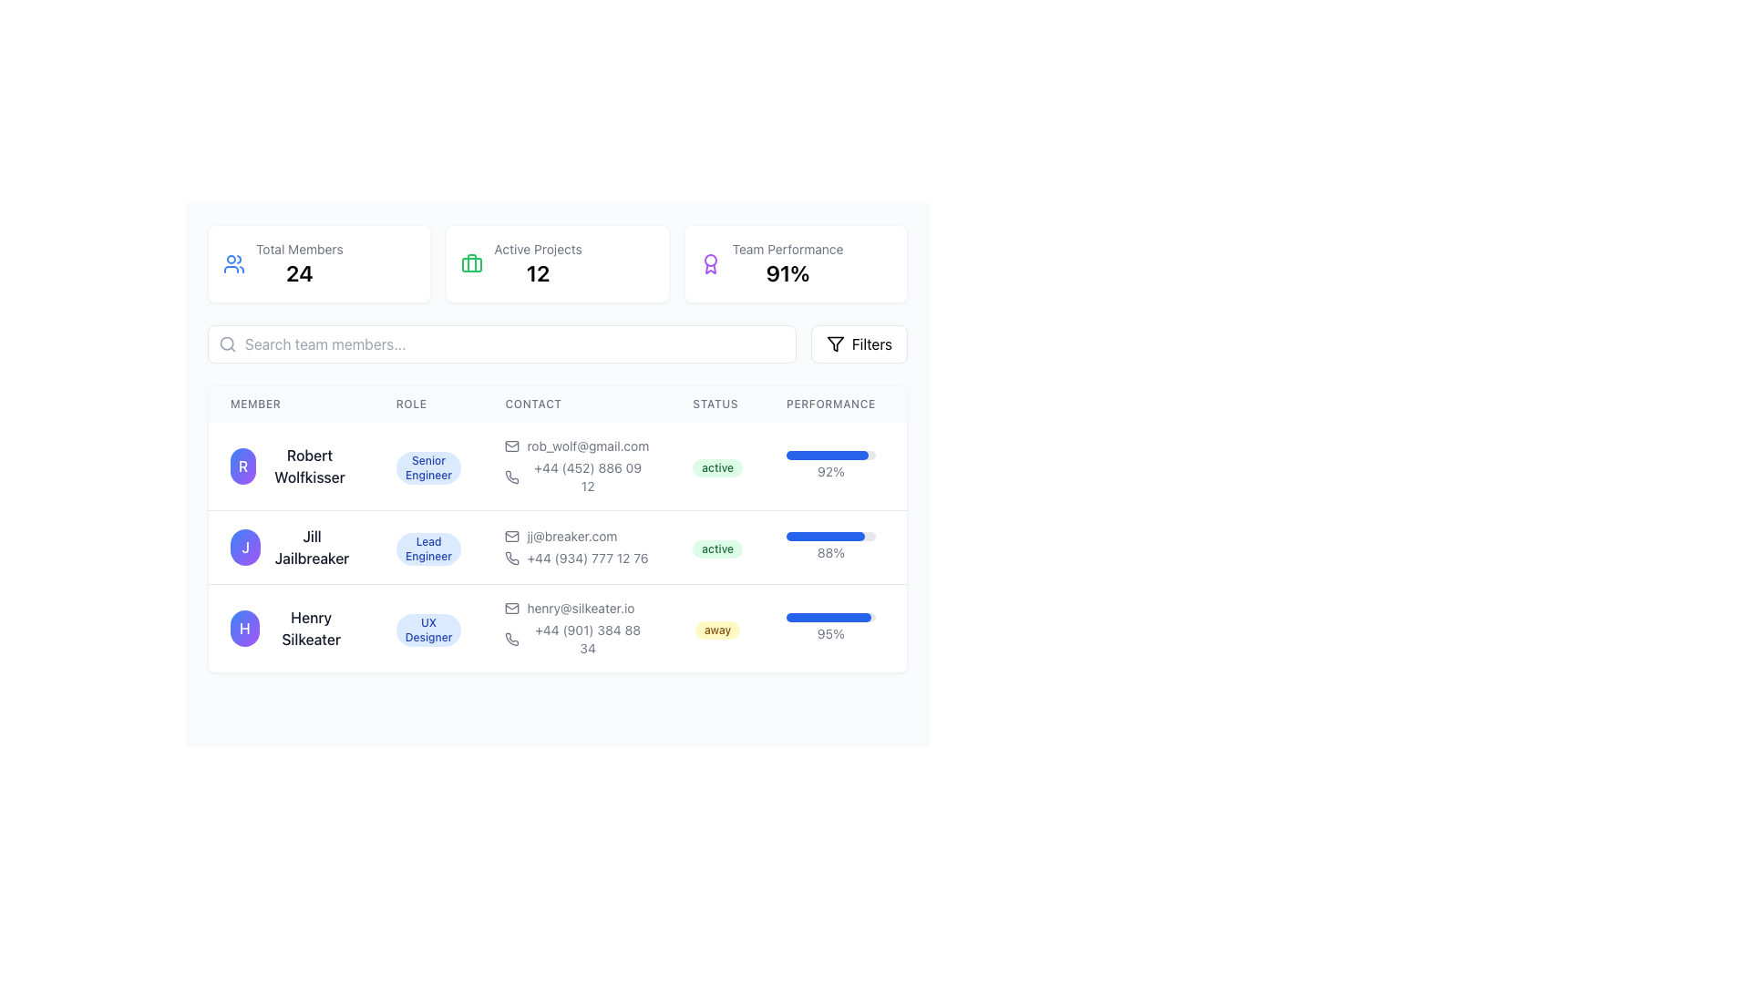 This screenshot has width=1750, height=984. Describe the element at coordinates (716, 466) in the screenshot. I see `the 'active' status indicator badge for 'Robert Wolfkisser' located in the 'Status' column of the first row in the table` at that location.